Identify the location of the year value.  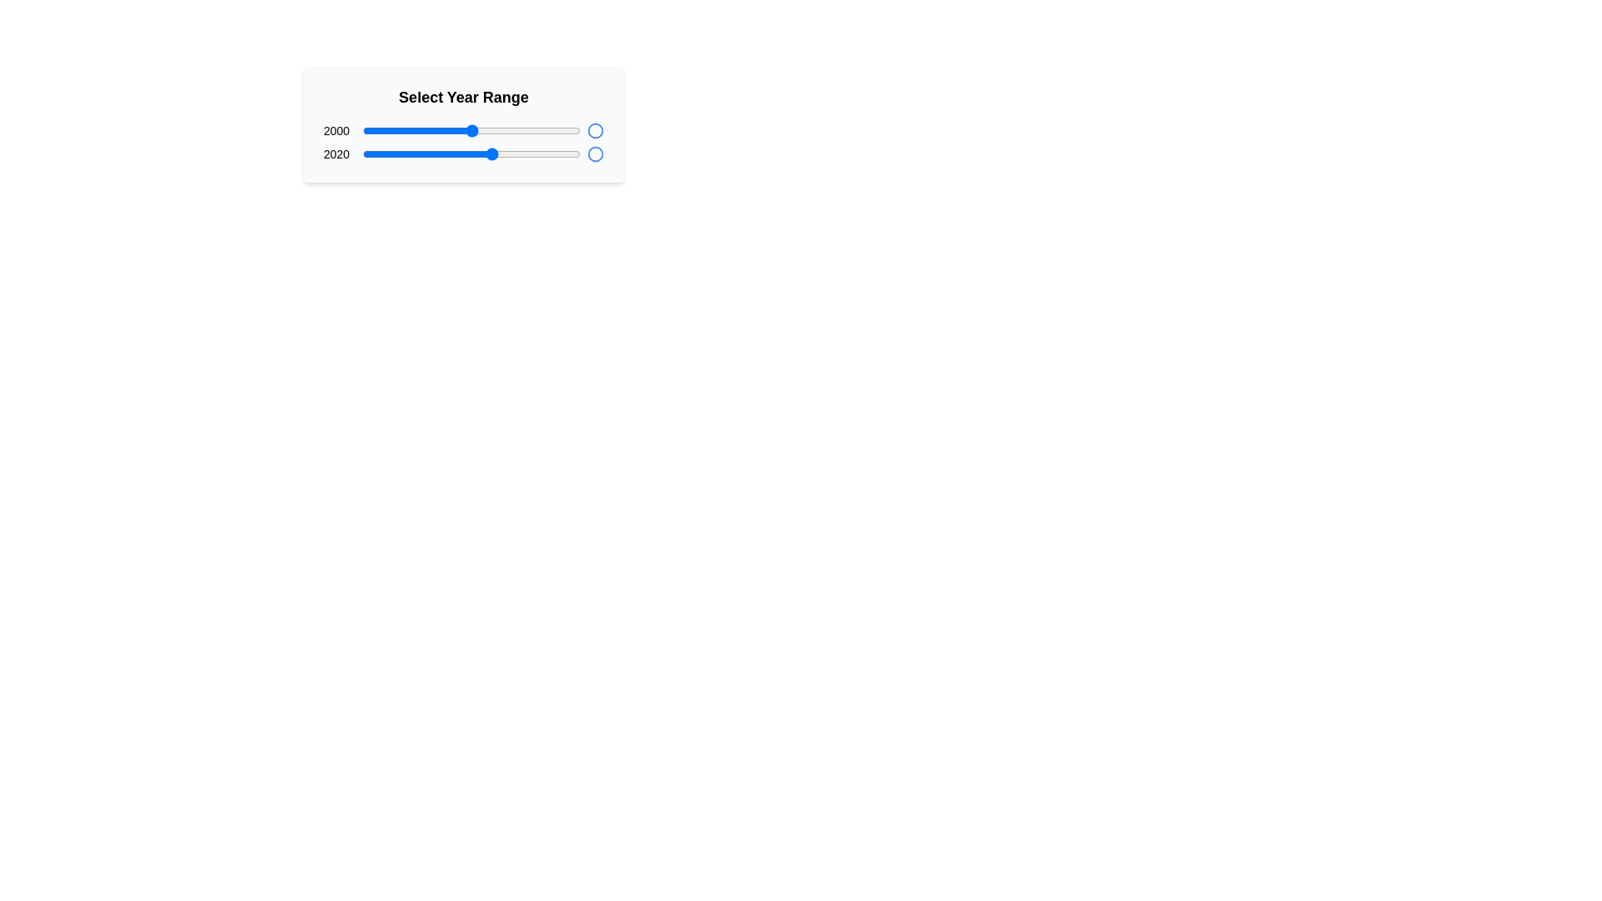
(452, 154).